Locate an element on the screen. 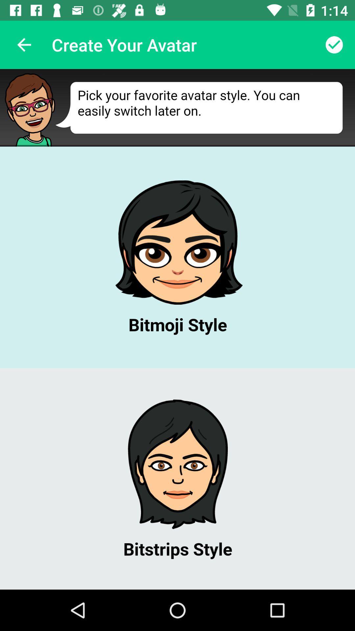 This screenshot has height=631, width=355. pick avatar is located at coordinates (177, 329).